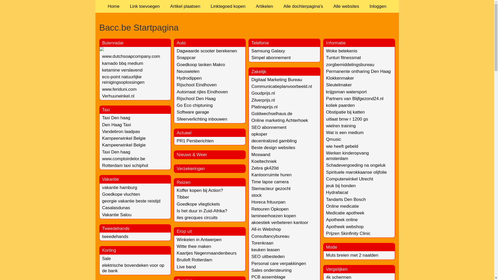  Describe the element at coordinates (251, 236) in the screenshot. I see `'Consultancybureau'` at that location.